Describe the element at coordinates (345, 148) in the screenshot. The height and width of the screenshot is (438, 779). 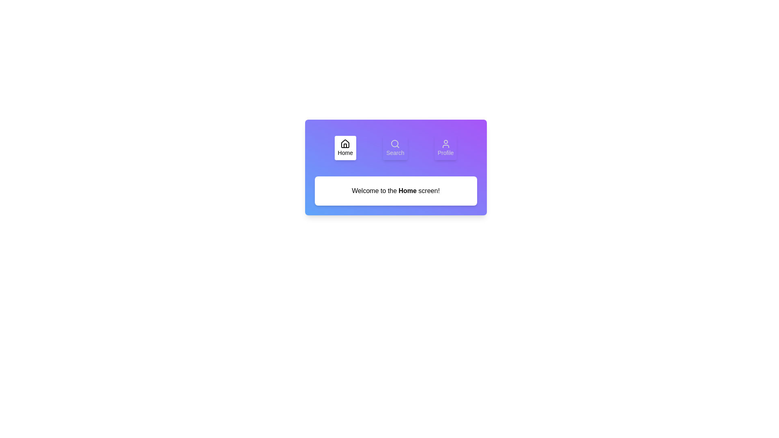
I see `the navigation button labeled 'Home' located at the top-center of the interface` at that location.